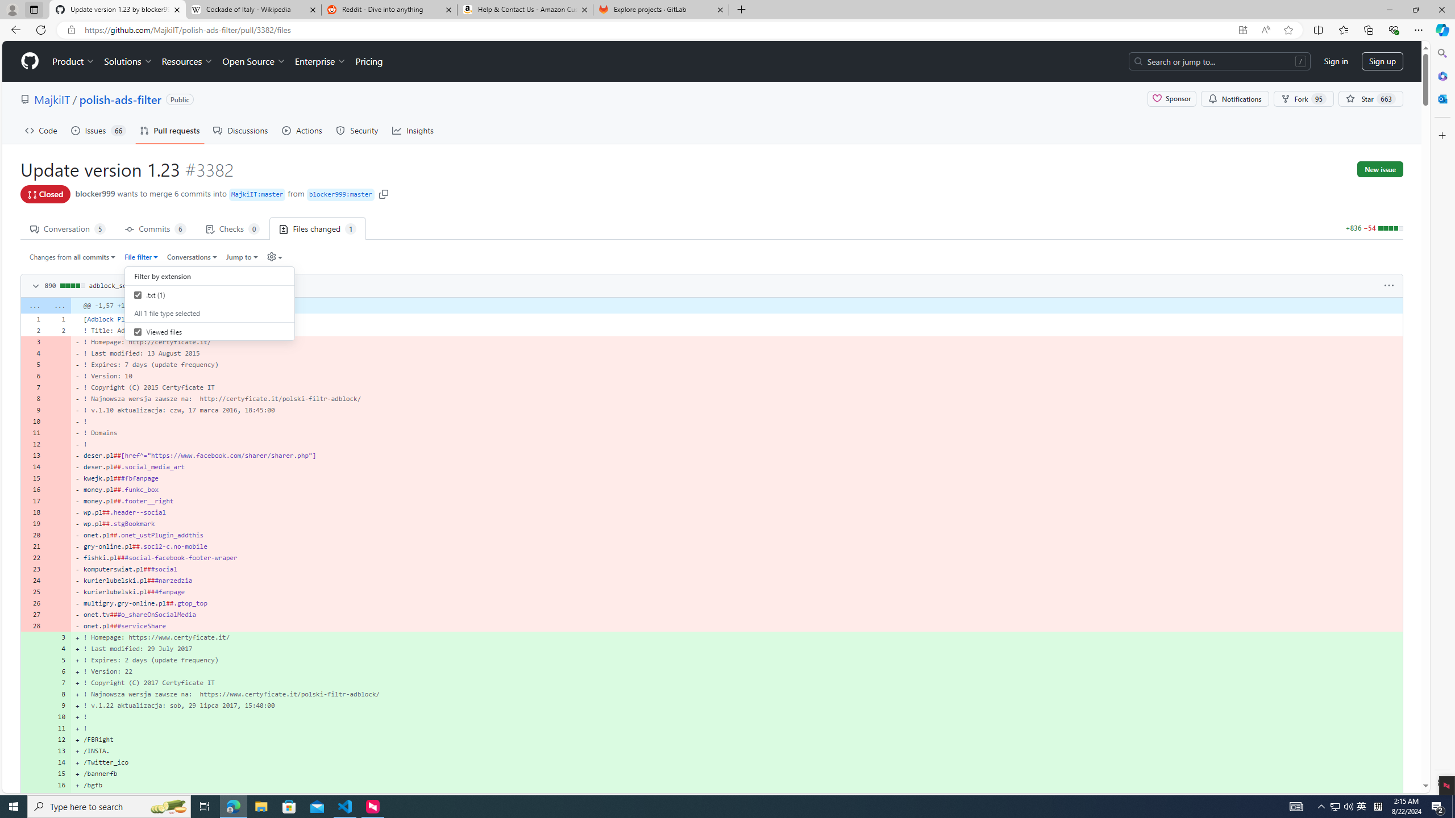  What do you see at coordinates (1379, 169) in the screenshot?
I see `'New issue'` at bounding box center [1379, 169].